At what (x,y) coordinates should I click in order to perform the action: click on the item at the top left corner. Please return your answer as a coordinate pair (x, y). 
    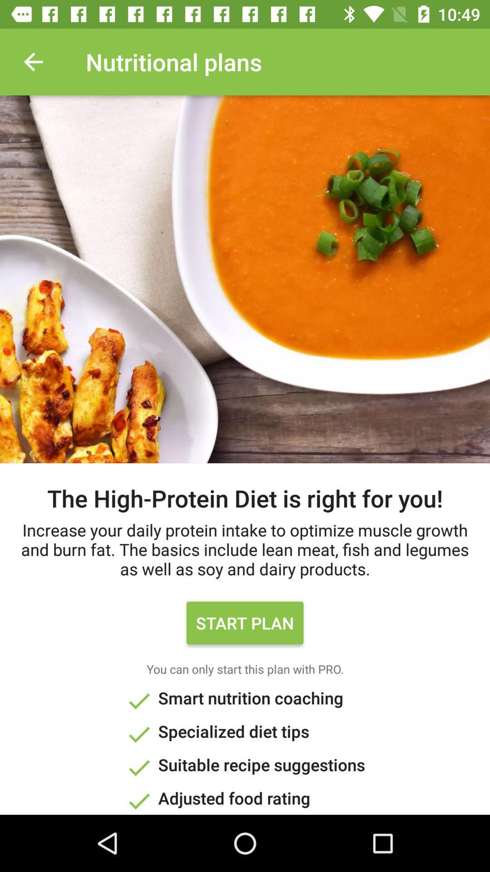
    Looking at the image, I should click on (33, 61).